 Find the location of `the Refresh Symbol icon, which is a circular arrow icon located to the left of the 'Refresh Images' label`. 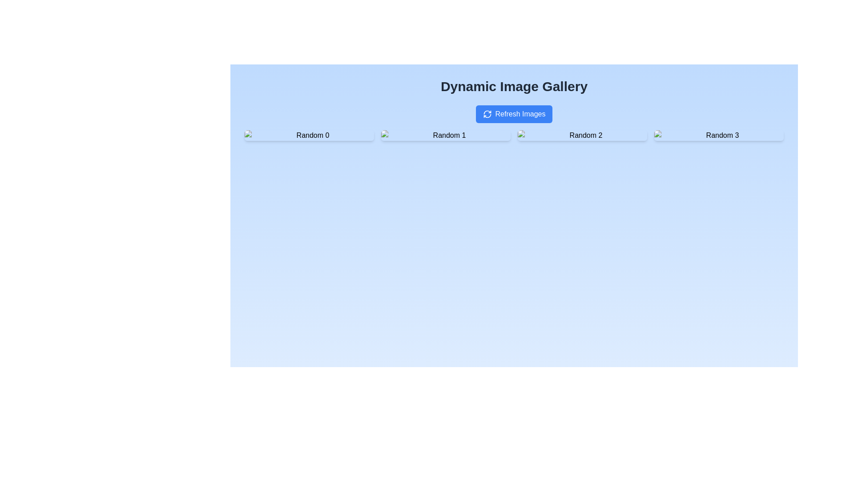

the Refresh Symbol icon, which is a circular arrow icon located to the left of the 'Refresh Images' label is located at coordinates (487, 114).